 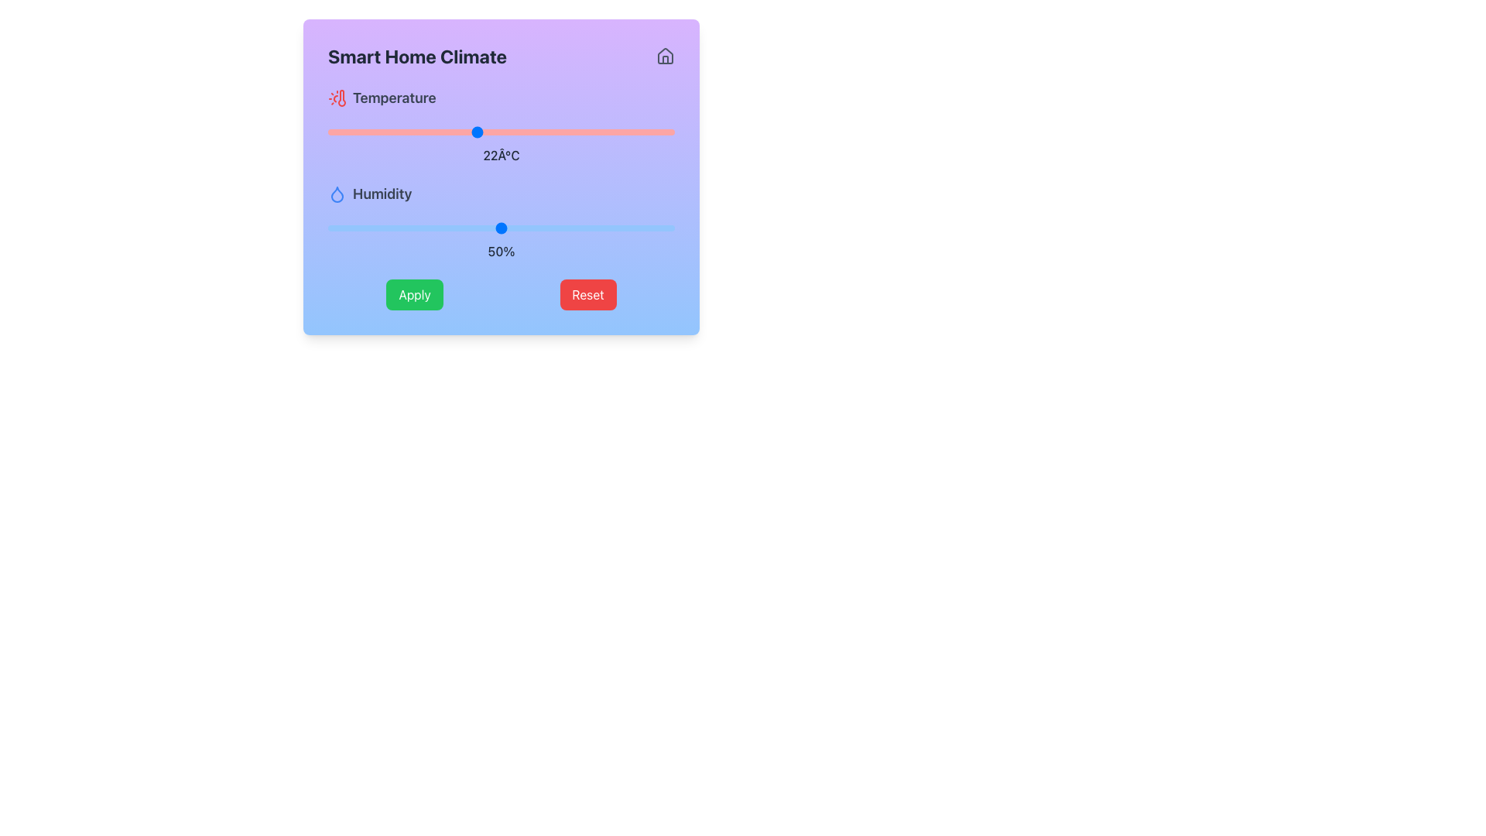 I want to click on text displayed in the 'Smart Home Climate' label, which is in bold and large dark gray font at the top-left corner of the visual interface, so click(x=417, y=56).